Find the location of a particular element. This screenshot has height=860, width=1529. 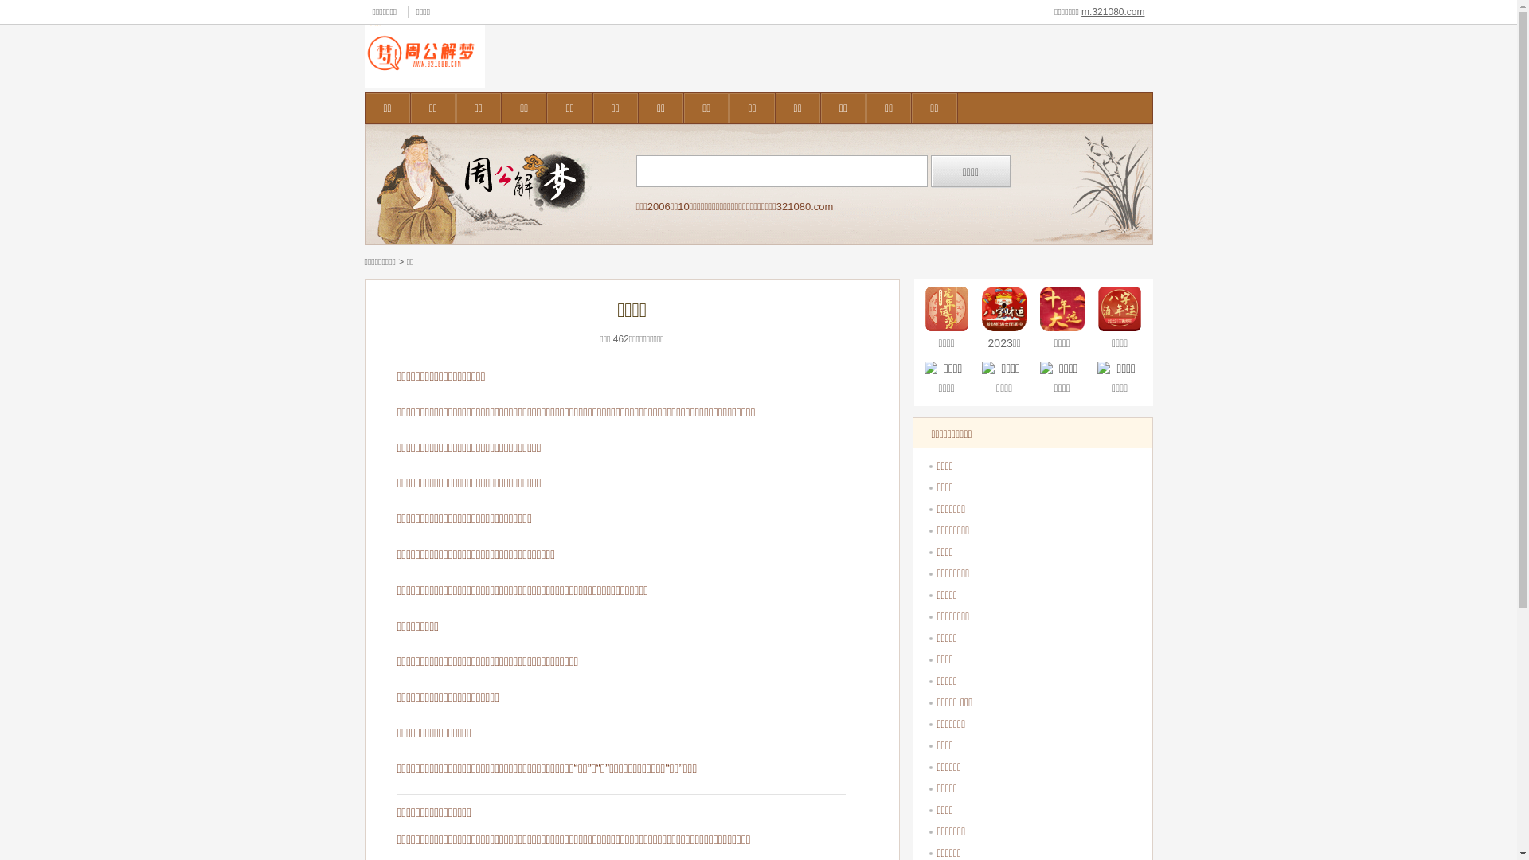

'm.321080.com' is located at coordinates (1112, 12).